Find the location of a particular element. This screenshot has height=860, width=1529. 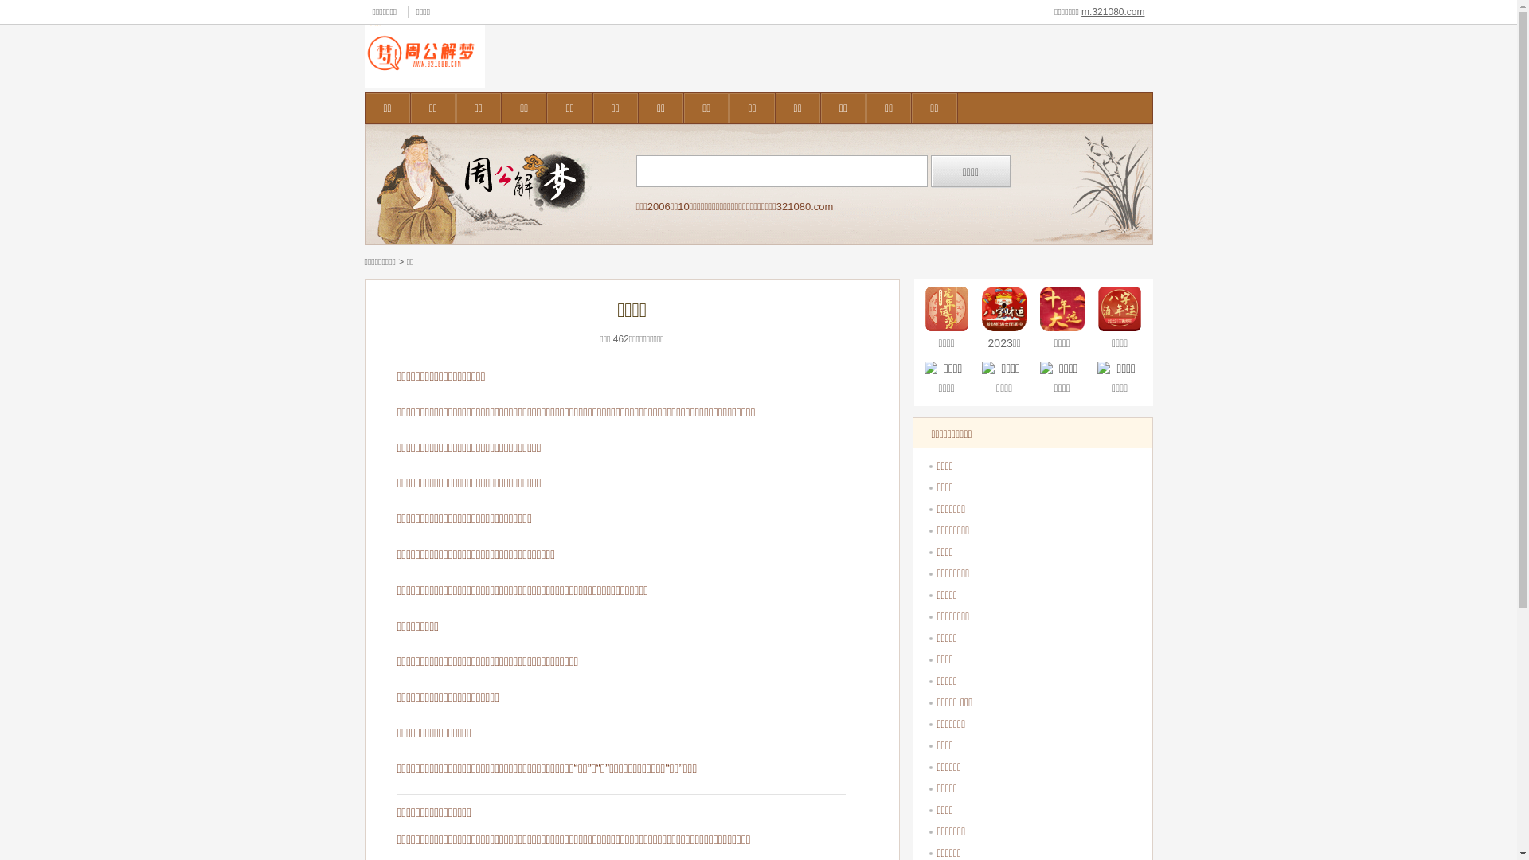

'm.321080.com' is located at coordinates (1112, 12).